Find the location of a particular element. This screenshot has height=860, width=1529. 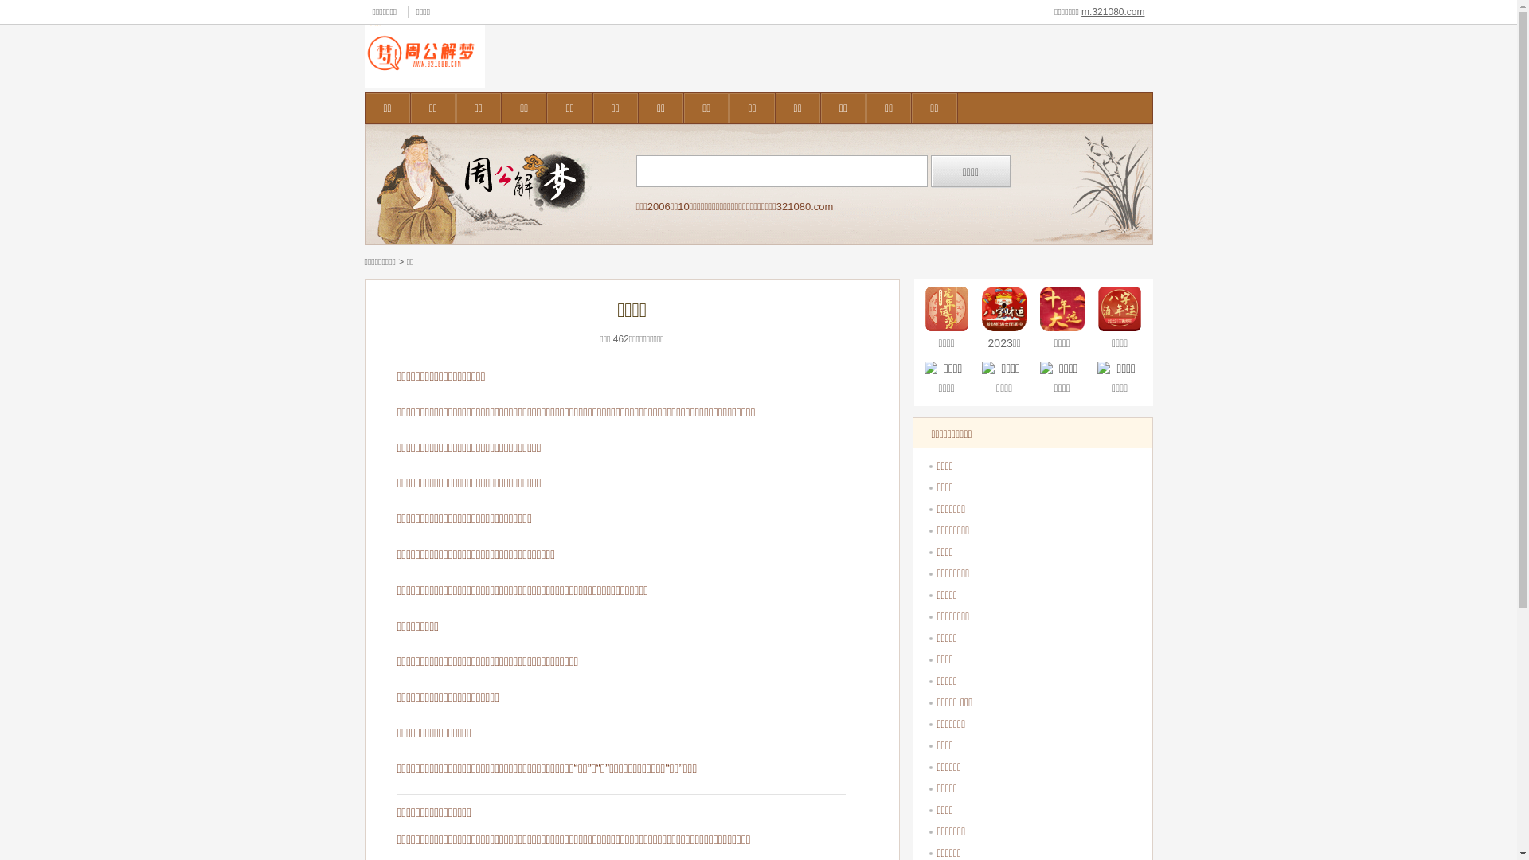

'm.321080.com' is located at coordinates (1112, 12).